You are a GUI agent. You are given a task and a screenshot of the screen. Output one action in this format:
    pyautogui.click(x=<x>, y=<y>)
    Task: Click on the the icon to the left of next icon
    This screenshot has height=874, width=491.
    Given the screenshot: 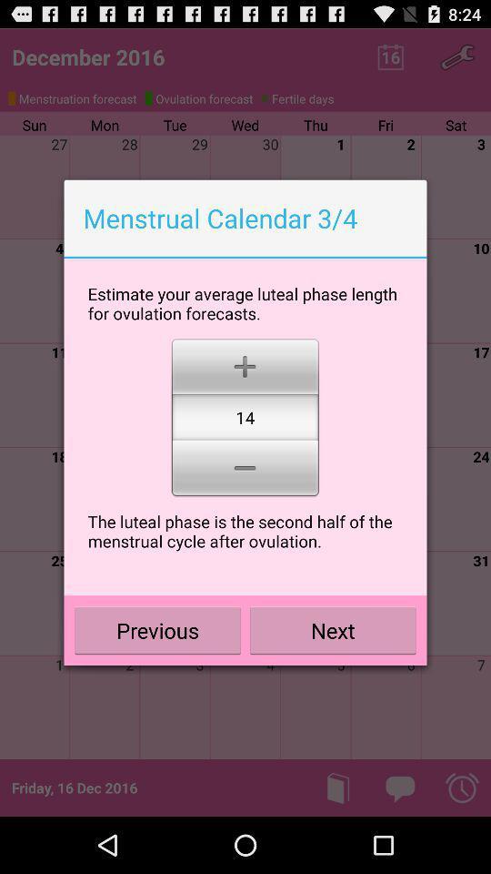 What is the action you would take?
    pyautogui.click(x=157, y=630)
    